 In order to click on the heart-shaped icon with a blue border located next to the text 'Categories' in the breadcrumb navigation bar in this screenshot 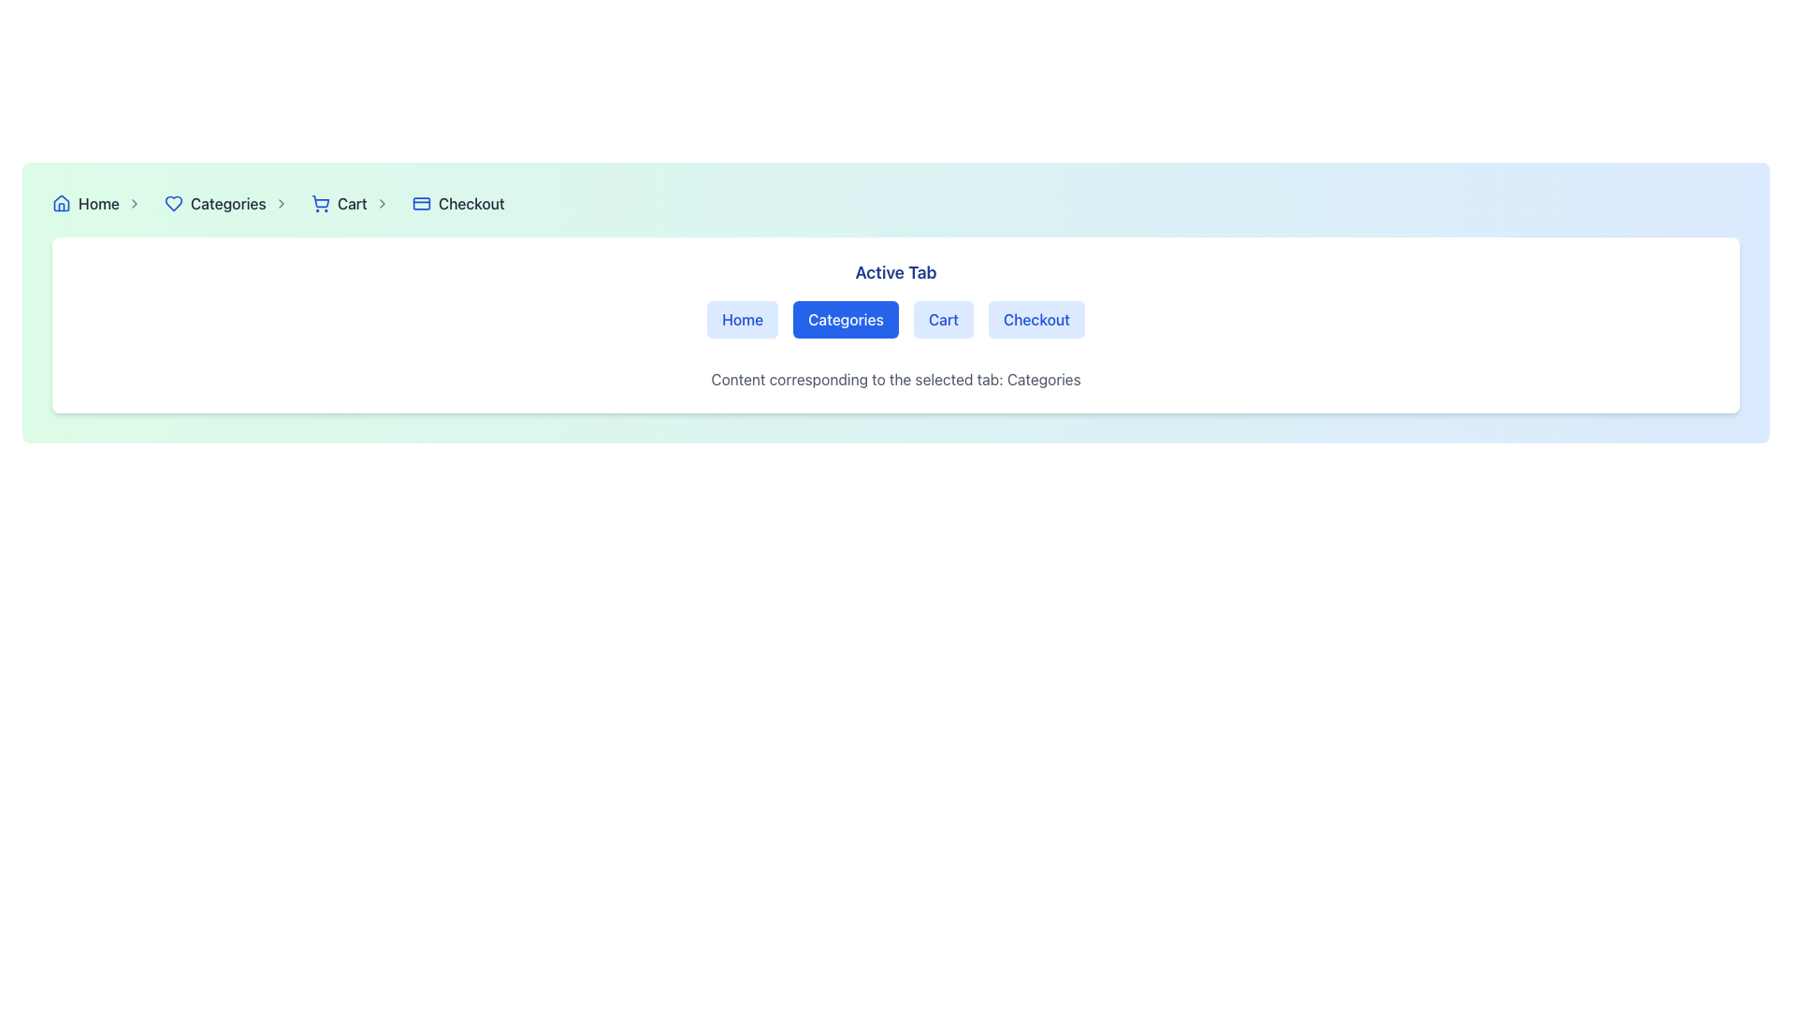, I will do `click(174, 204)`.